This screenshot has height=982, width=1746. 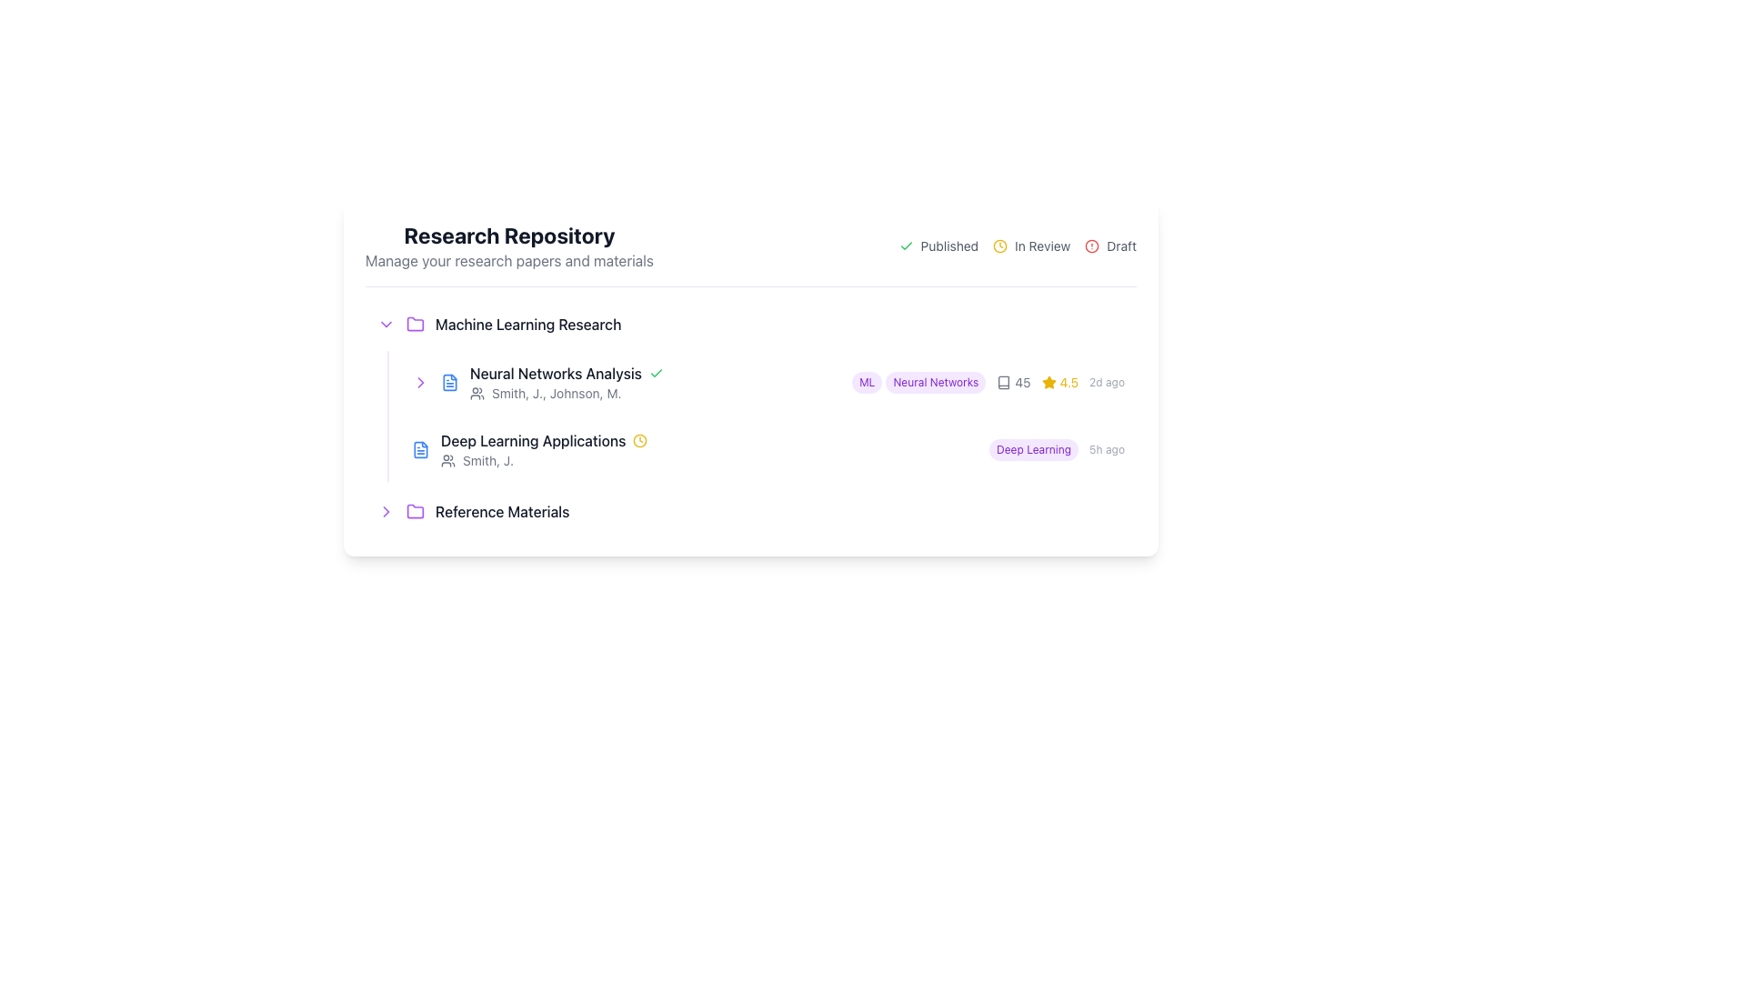 What do you see at coordinates (1042, 245) in the screenshot?
I see `the status indicator label that displays the current review status of an item or document, which is located to the right of 'Published' and to the left of 'Draft'` at bounding box center [1042, 245].